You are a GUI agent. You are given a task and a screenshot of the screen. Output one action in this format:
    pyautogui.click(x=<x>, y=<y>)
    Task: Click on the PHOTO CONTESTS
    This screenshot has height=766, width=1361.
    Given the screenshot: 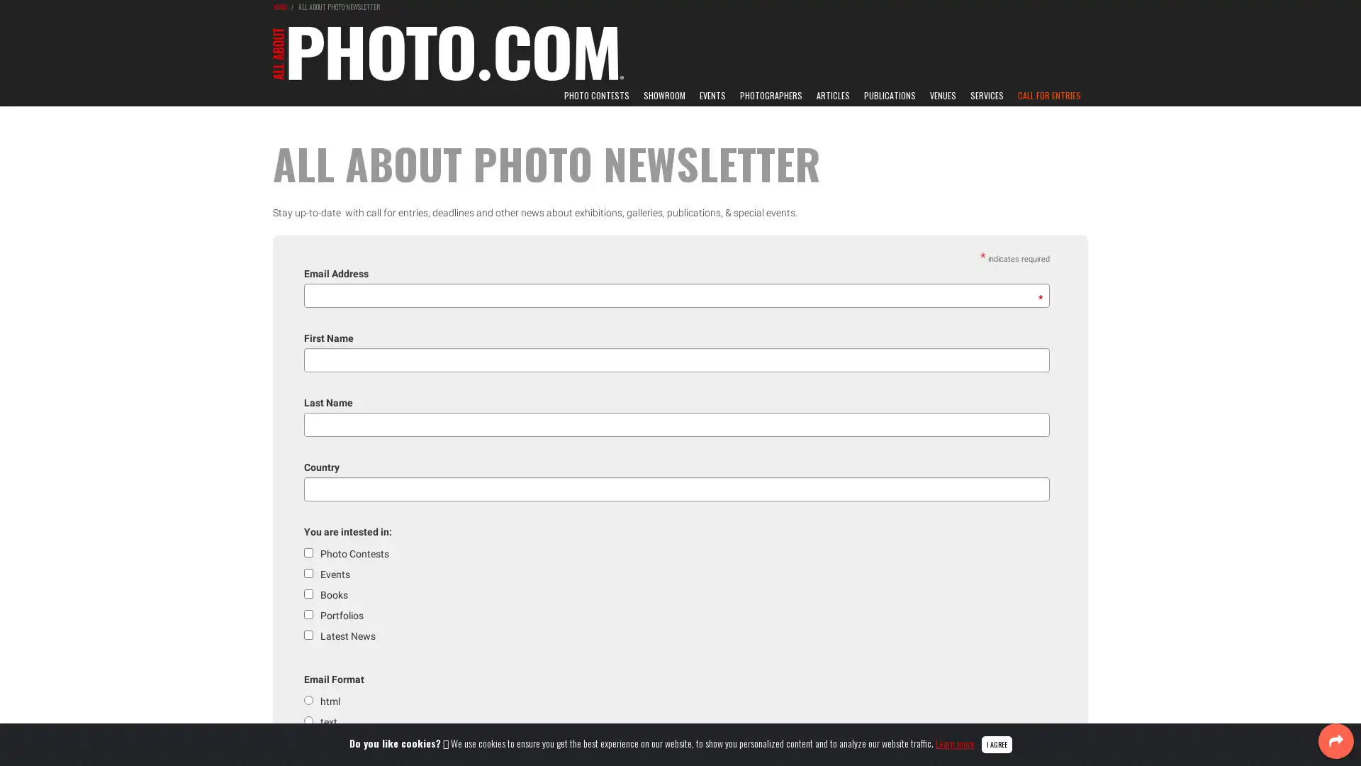 What is the action you would take?
    pyautogui.click(x=596, y=96)
    